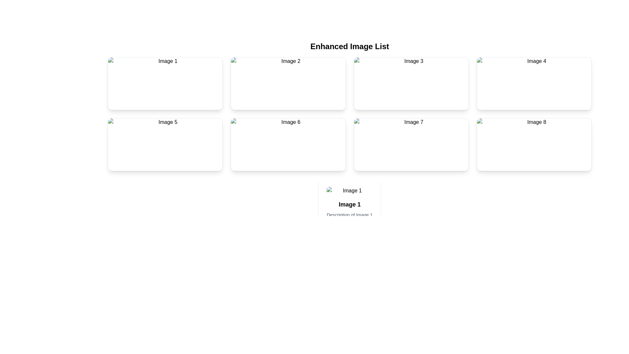 The height and width of the screenshot is (354, 629). I want to click on the card component located in the first row and third column of the grid layout, so click(411, 83).